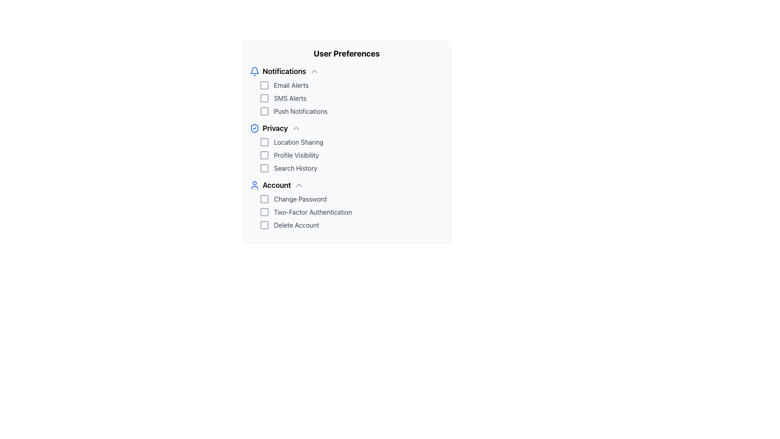  What do you see at coordinates (264, 155) in the screenshot?
I see `the 'Profile Visibility' checkbox in the 'Privacy' section` at bounding box center [264, 155].